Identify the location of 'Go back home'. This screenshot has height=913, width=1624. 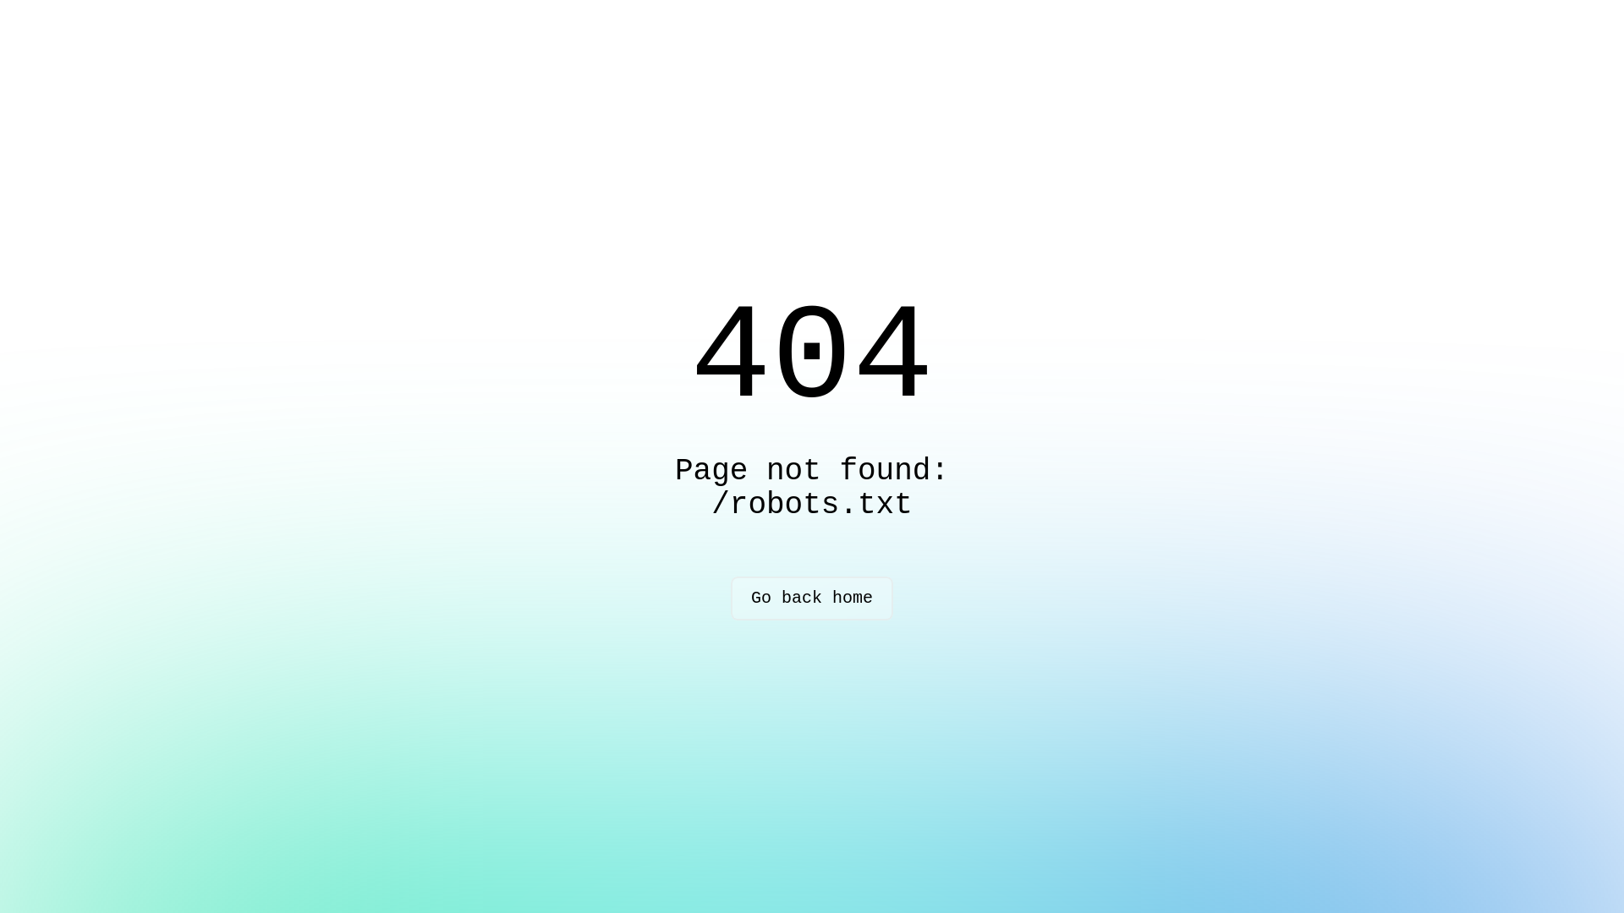
(812, 598).